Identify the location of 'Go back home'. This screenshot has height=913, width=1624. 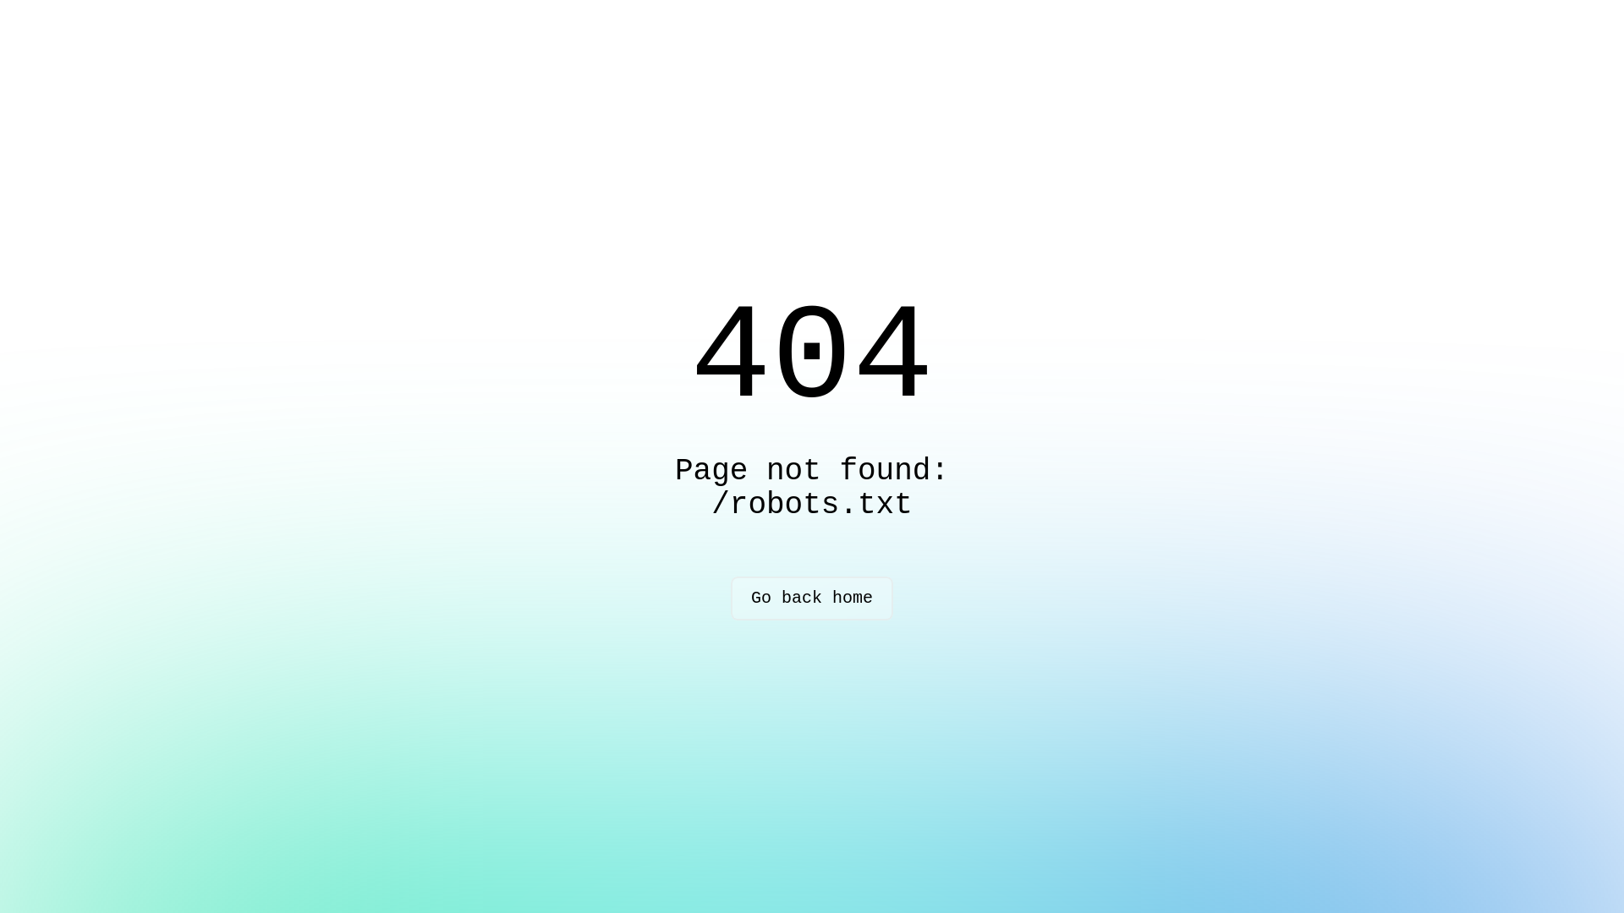
(812, 598).